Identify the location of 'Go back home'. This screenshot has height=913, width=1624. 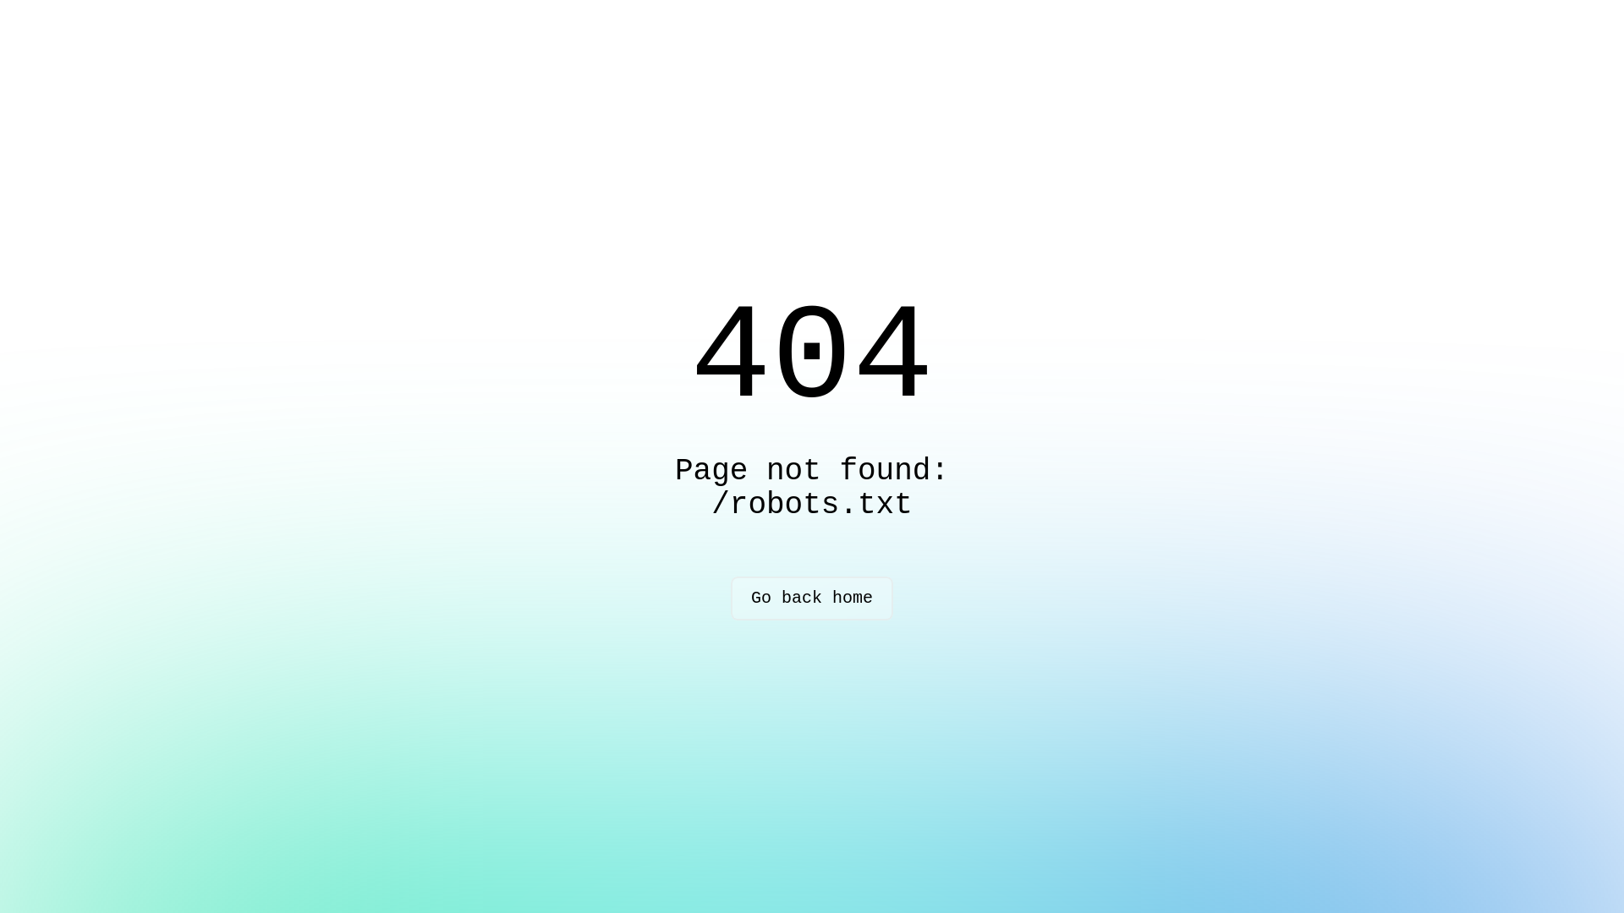
(812, 598).